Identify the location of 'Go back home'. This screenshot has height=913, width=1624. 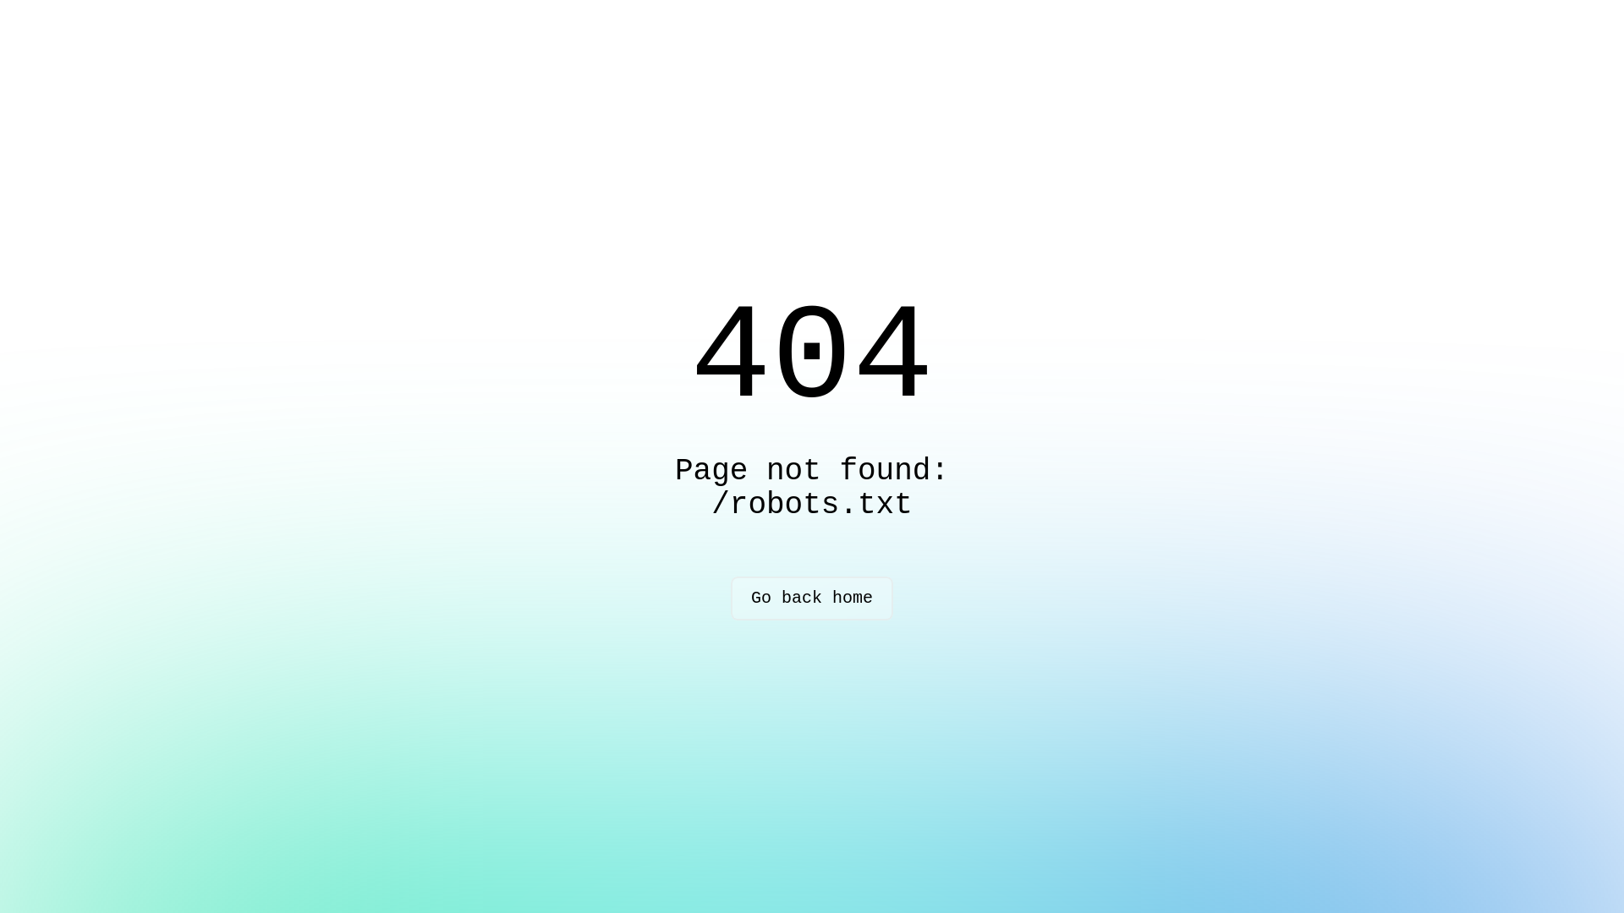
(812, 598).